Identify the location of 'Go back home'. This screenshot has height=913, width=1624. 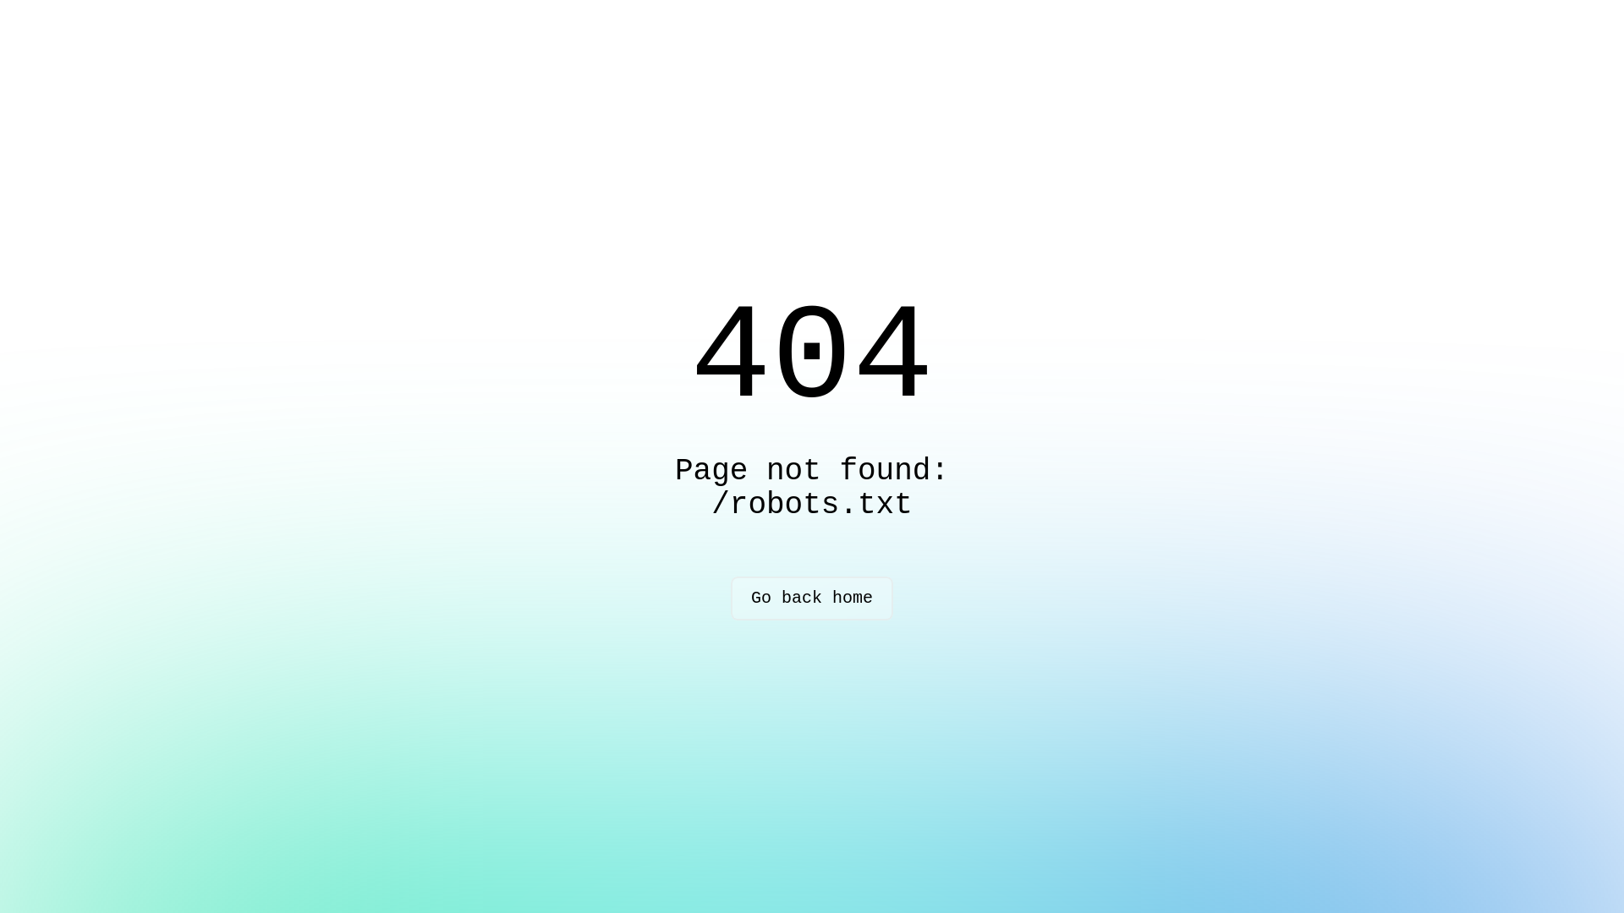
(812, 598).